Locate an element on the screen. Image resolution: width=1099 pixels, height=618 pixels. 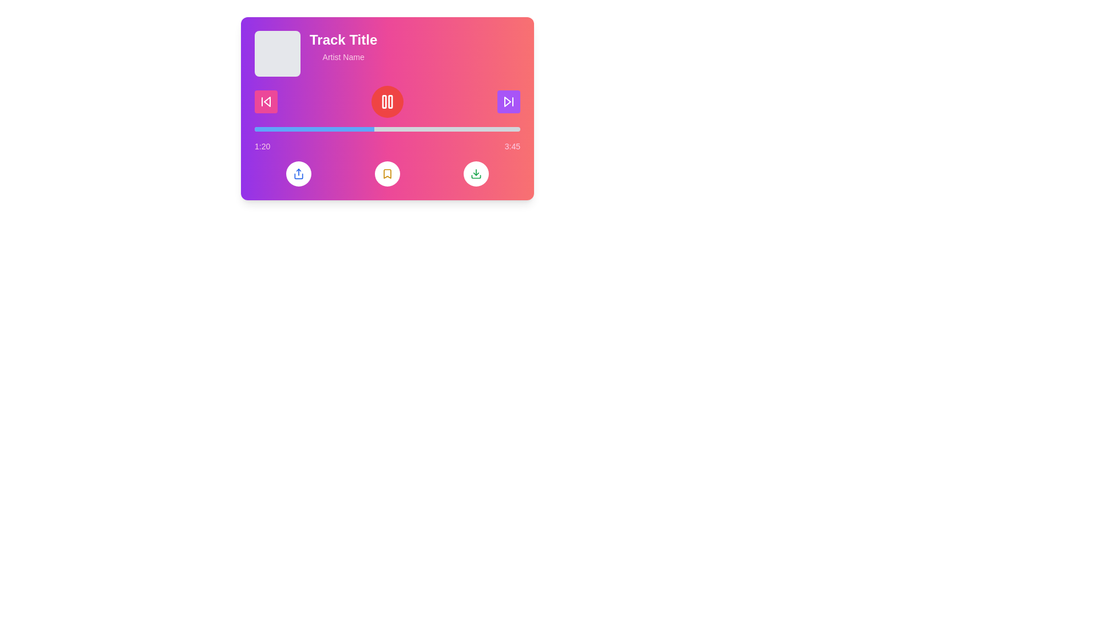
the purple square button labeled 'Skip Forward' in the media control interface to skip to the next track is located at coordinates (507, 101).